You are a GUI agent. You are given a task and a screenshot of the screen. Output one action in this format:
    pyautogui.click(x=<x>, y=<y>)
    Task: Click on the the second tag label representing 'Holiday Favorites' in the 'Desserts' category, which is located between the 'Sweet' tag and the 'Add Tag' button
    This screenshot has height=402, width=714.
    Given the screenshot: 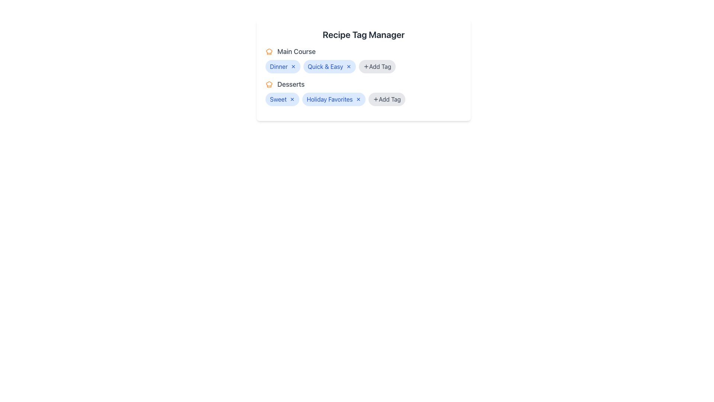 What is the action you would take?
    pyautogui.click(x=333, y=99)
    